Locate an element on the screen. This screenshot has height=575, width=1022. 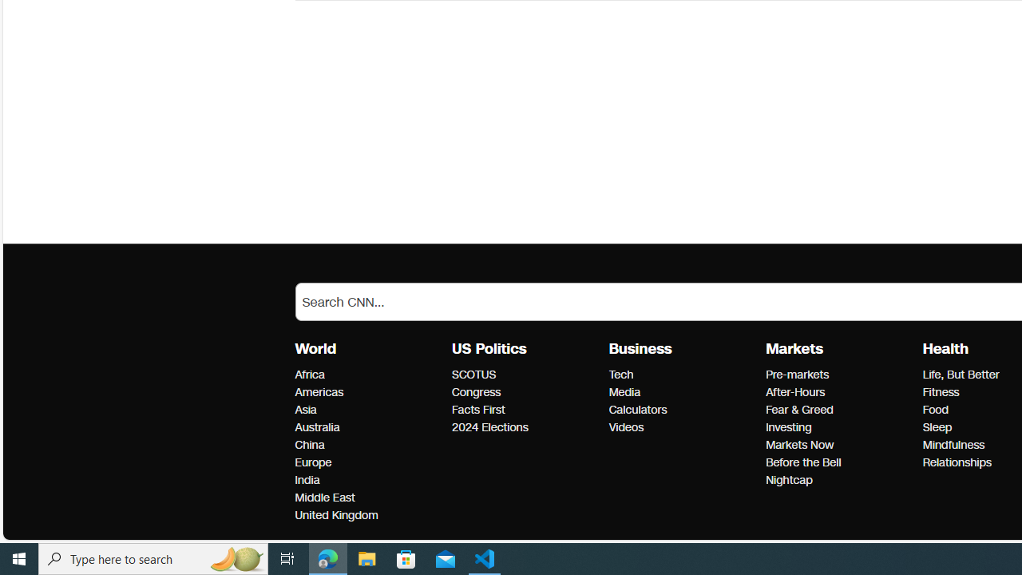
'Calculators' is located at coordinates (683, 409).